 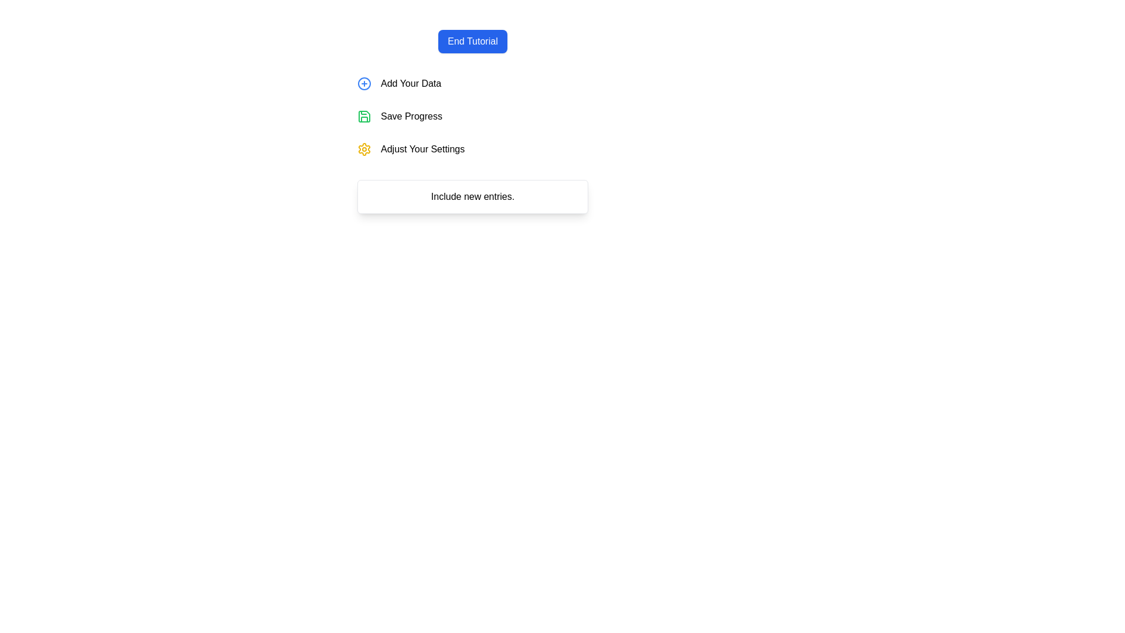 I want to click on the rectangular blue button labeled 'End Tutorial' at the top-center of the interface, so click(x=472, y=40).